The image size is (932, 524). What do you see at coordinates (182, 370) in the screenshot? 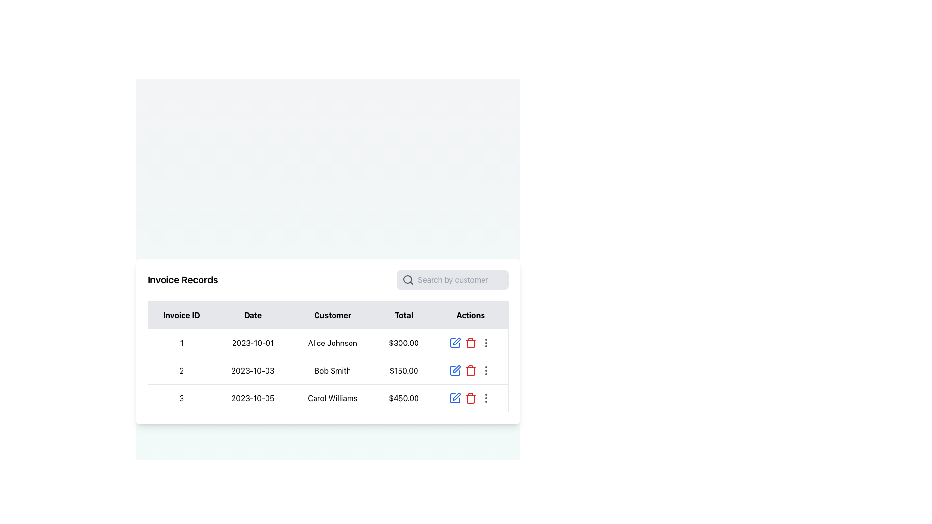
I see `the numeral '2' in the 'Invoice ID' column of the table, which is part of the row detailing 'Bob Smith'` at bounding box center [182, 370].